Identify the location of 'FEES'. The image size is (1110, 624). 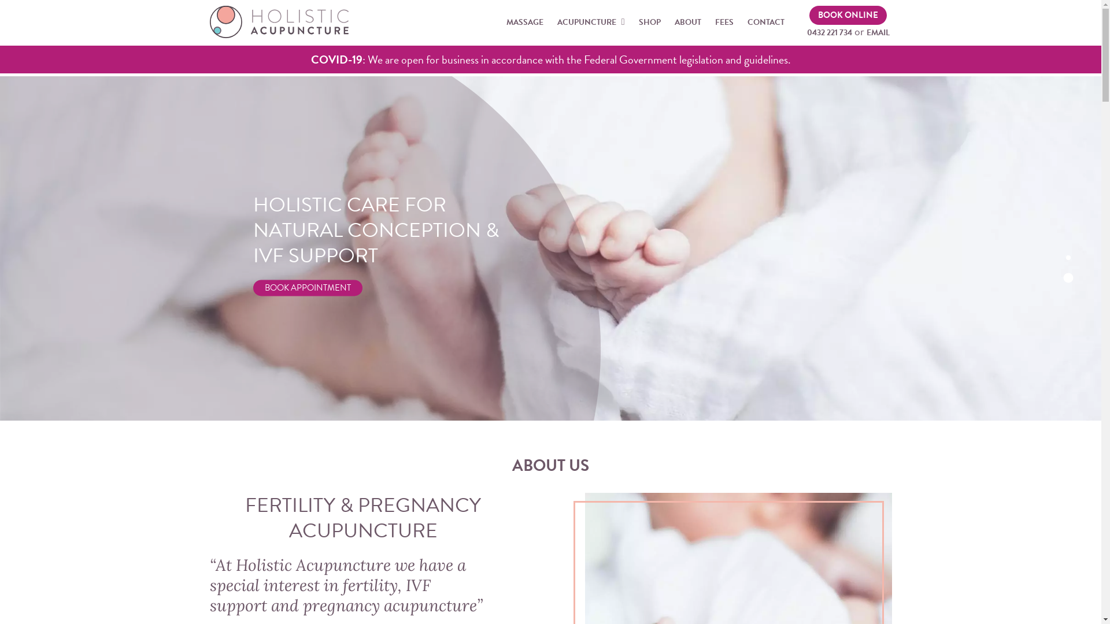
(723, 22).